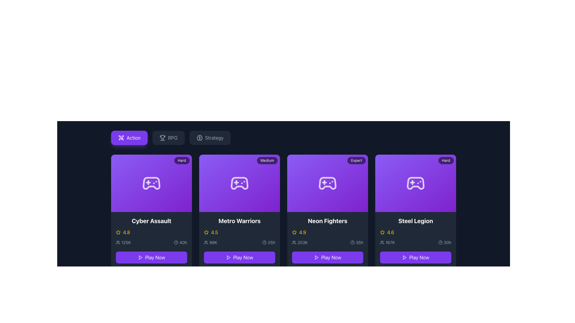  Describe the element at coordinates (327, 221) in the screenshot. I see `title 'Neon Fighters' from the heading text element located in the upper-middle part of its card, which is the third card from the left` at that location.